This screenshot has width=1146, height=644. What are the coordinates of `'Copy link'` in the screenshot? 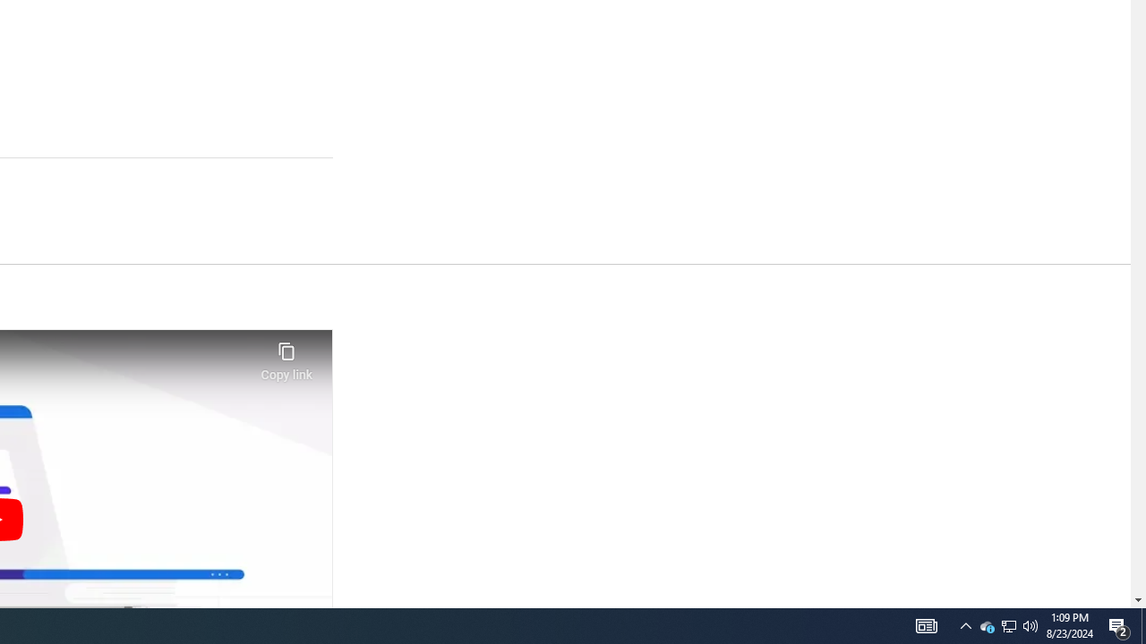 It's located at (286, 356).